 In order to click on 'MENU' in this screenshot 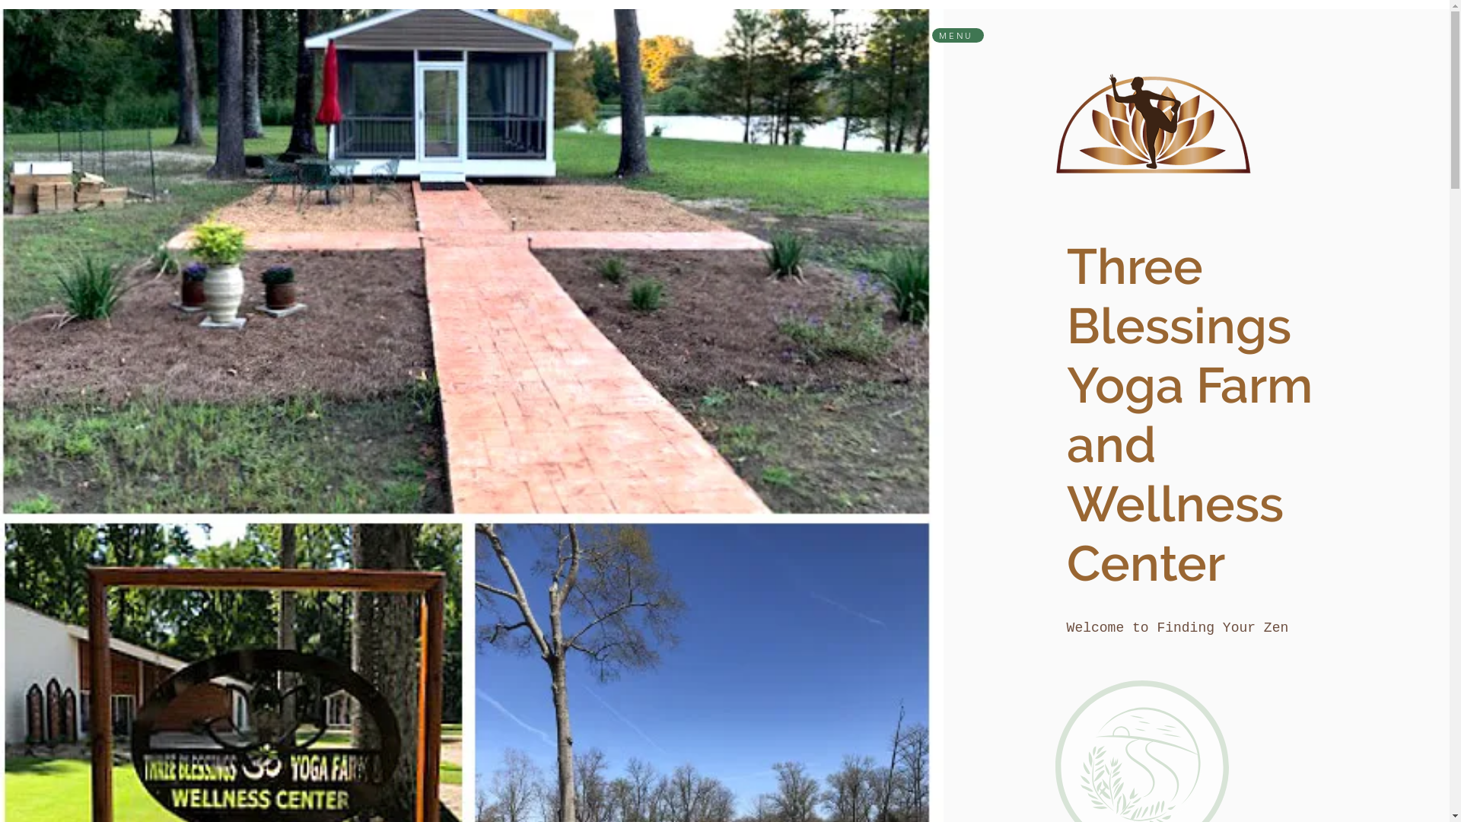, I will do `click(956, 34)`.